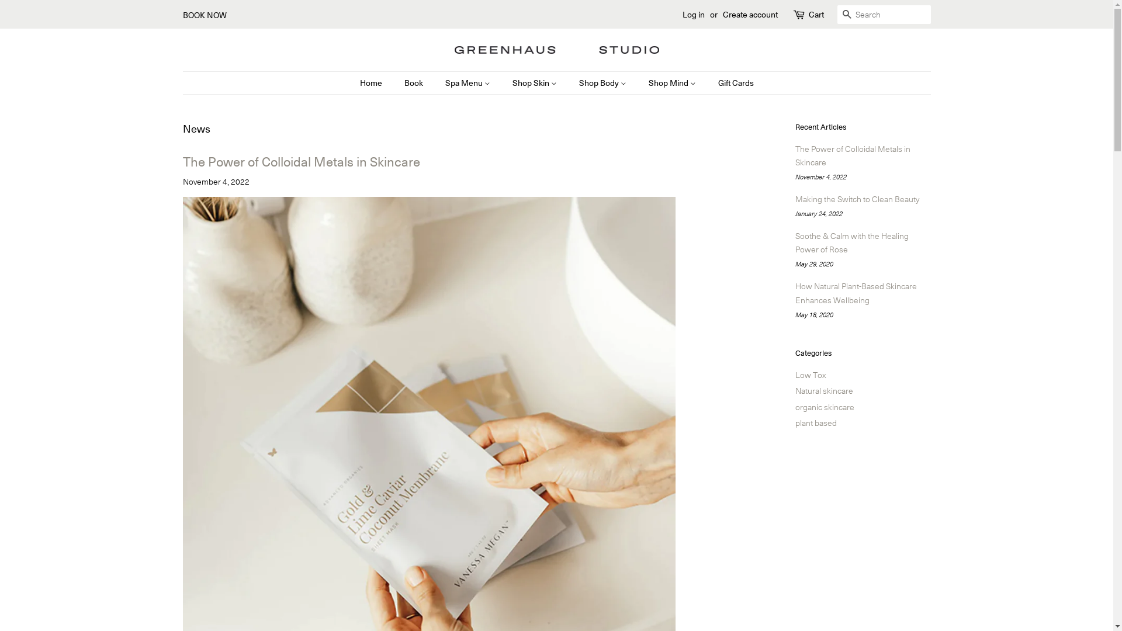 Image resolution: width=1122 pixels, height=631 pixels. Describe the element at coordinates (846, 15) in the screenshot. I see `'Search'` at that location.